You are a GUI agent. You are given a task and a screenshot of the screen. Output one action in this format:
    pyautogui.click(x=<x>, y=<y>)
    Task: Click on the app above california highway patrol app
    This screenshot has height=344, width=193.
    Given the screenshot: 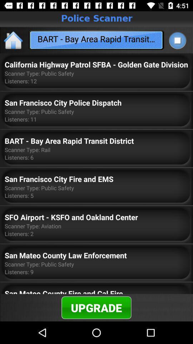 What is the action you would take?
    pyautogui.click(x=14, y=40)
    